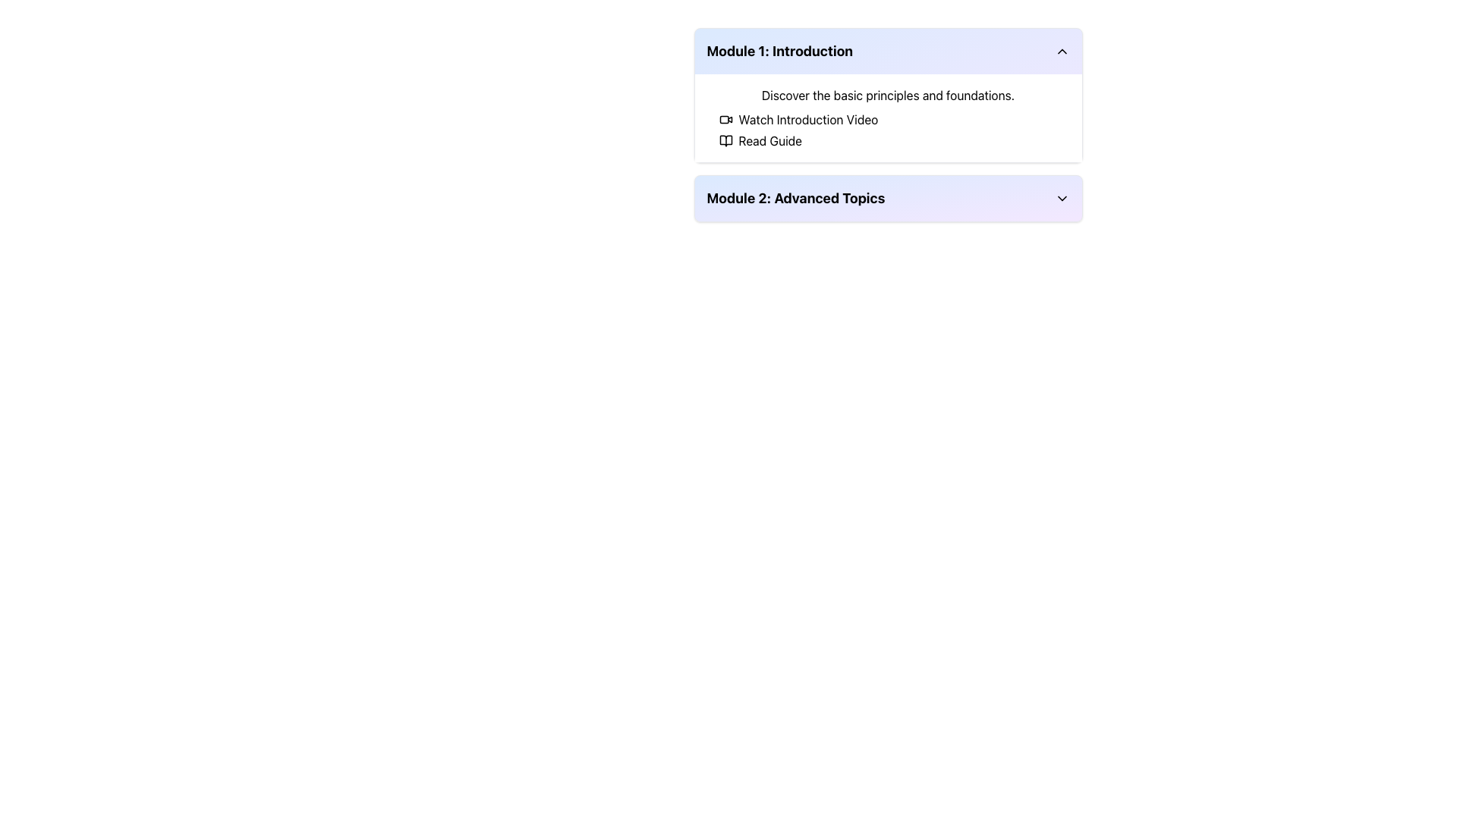 The height and width of the screenshot is (819, 1457). I want to click on the chevron icon located in the top-right corner of the 'Module 2: Advanced Topics' header, so click(1061, 198).